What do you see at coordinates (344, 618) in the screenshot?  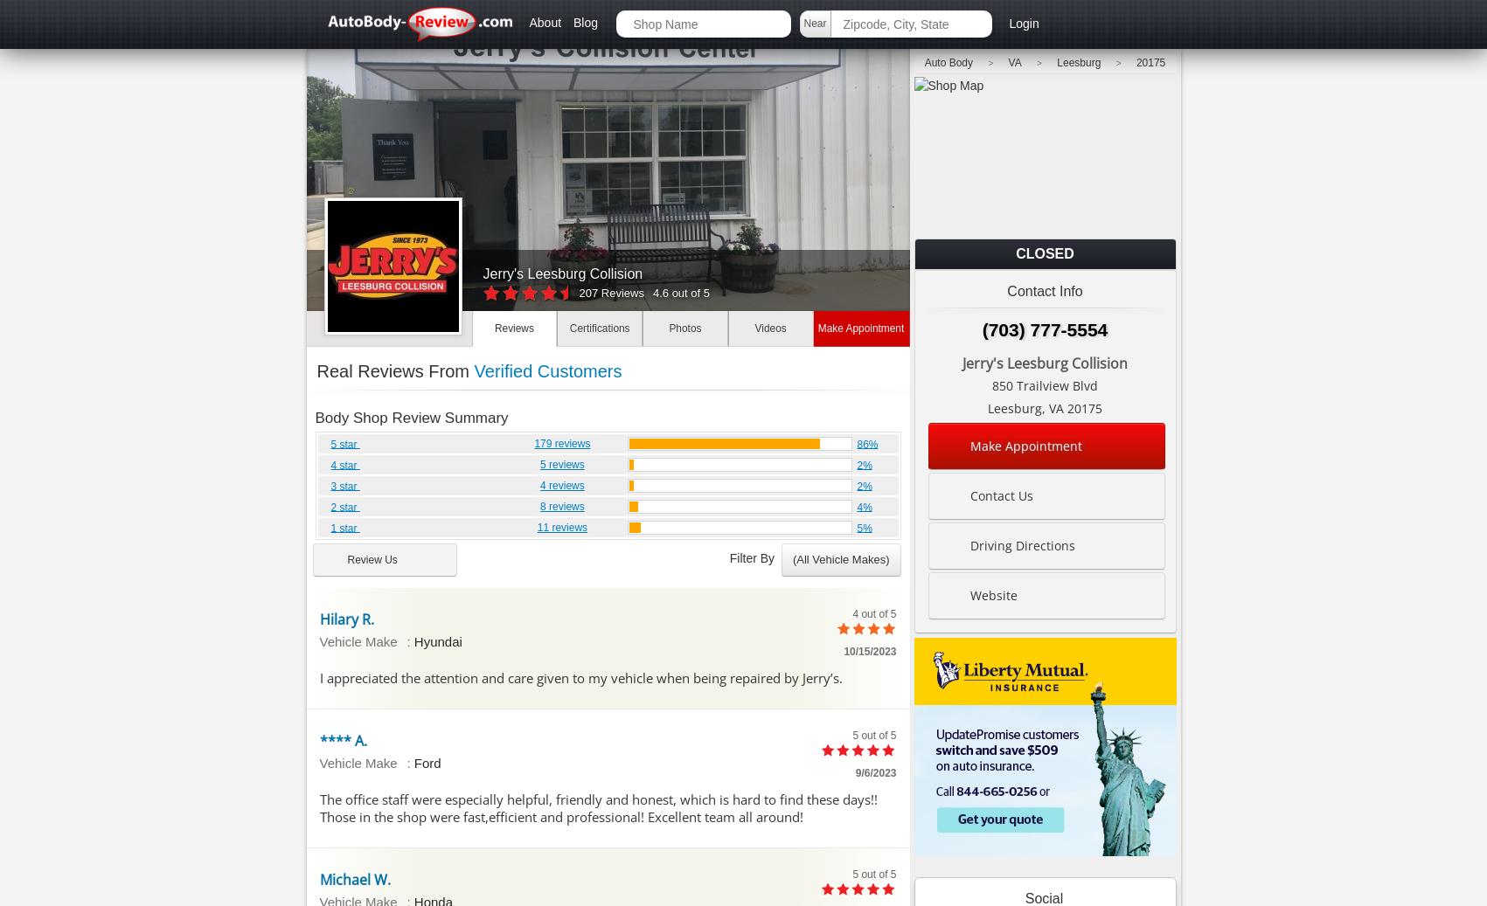 I see `'Hilary R.'` at bounding box center [344, 618].